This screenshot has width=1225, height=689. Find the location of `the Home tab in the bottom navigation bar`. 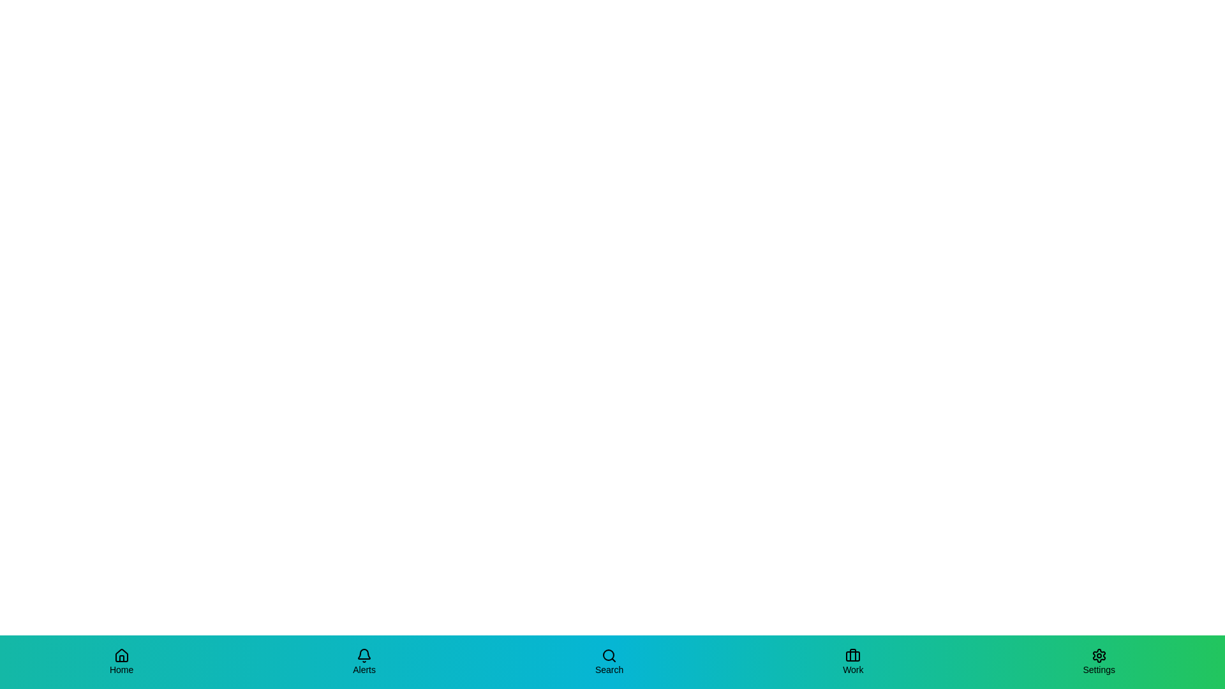

the Home tab in the bottom navigation bar is located at coordinates (121, 661).